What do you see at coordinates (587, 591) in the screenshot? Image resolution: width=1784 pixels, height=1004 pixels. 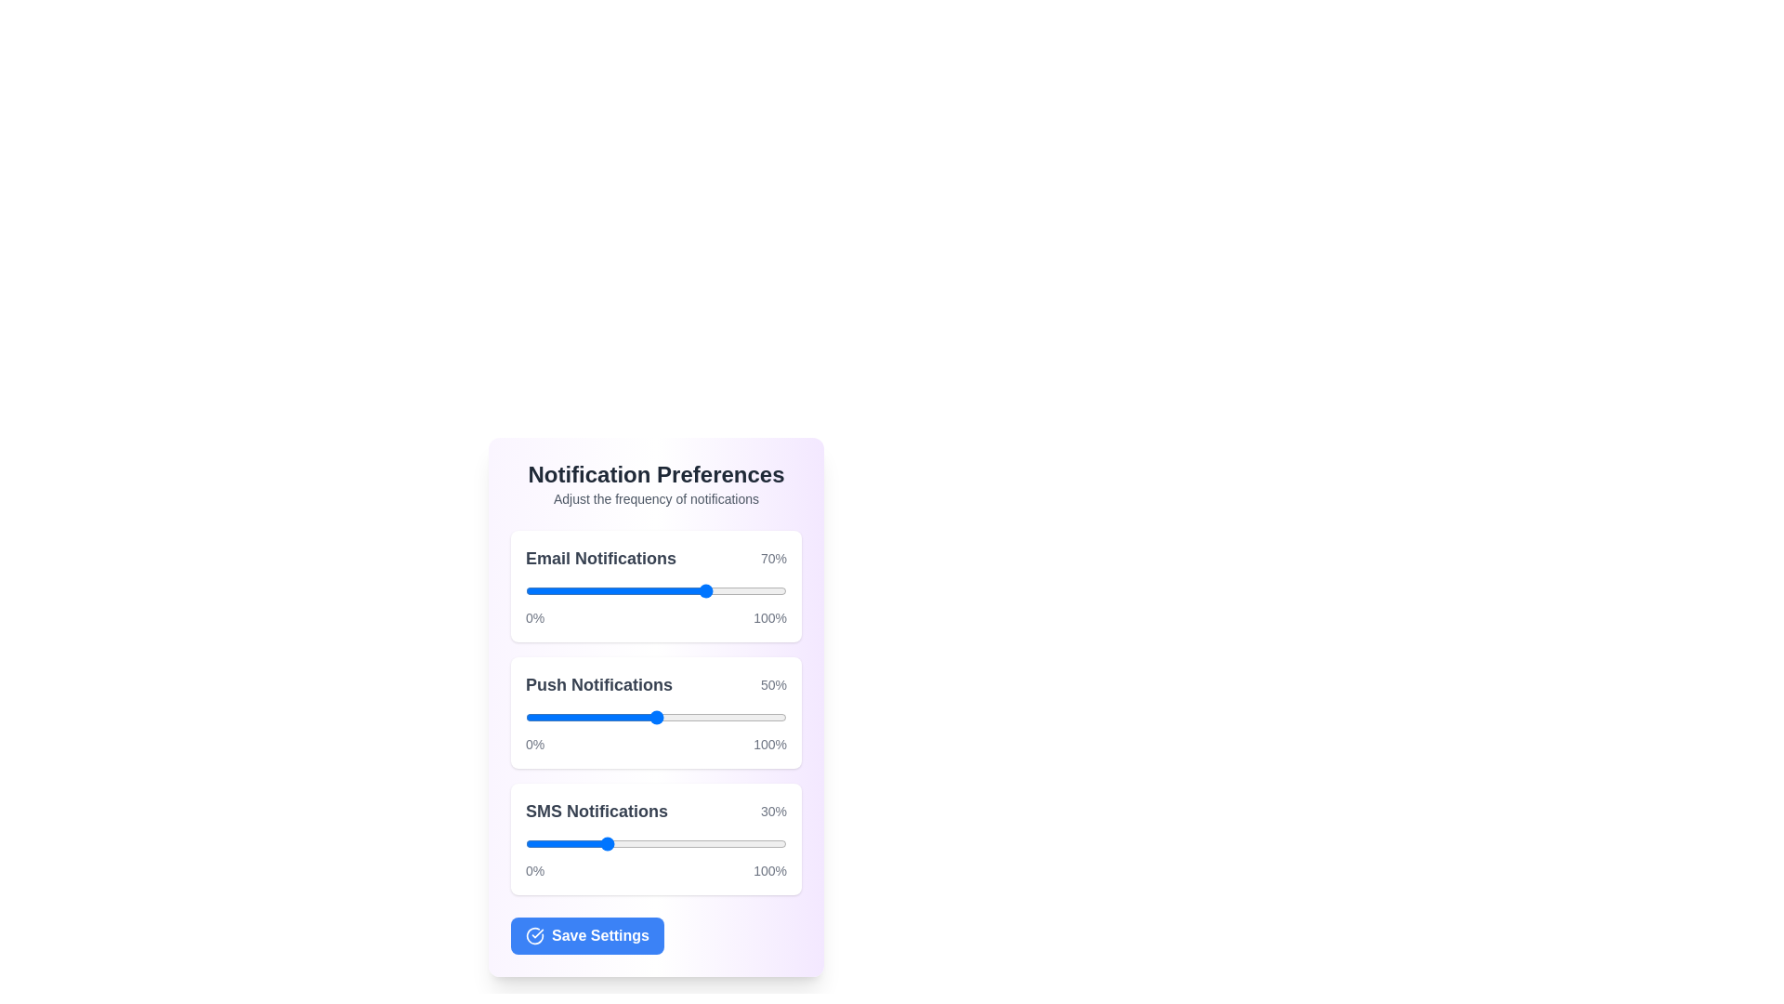 I see `the Email Notification slider` at bounding box center [587, 591].